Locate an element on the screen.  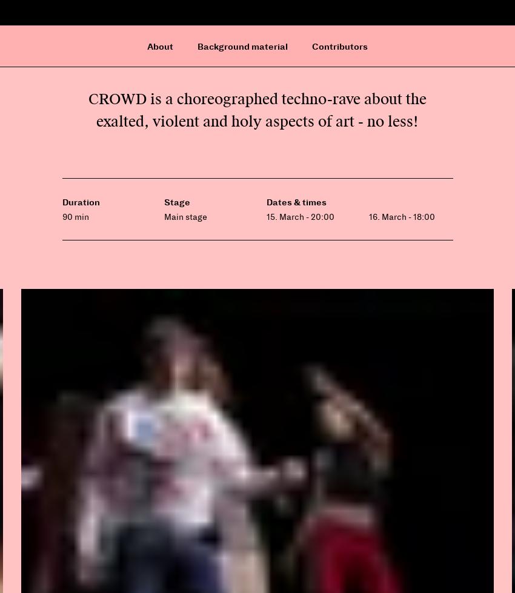
'15. March - 20:00' is located at coordinates (265, 216).